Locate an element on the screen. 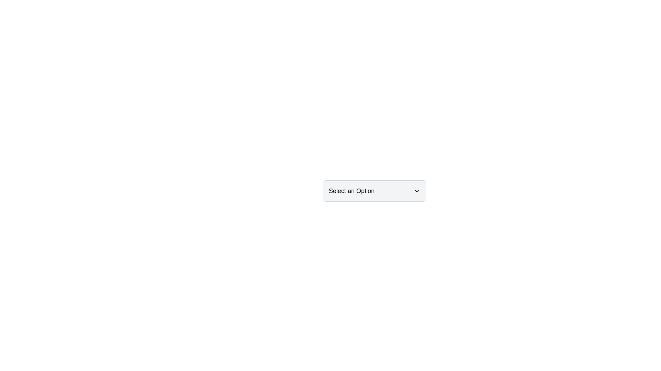 The image size is (661, 371). the dropdown menu button labeled 'Select an Option' is located at coordinates (374, 191).